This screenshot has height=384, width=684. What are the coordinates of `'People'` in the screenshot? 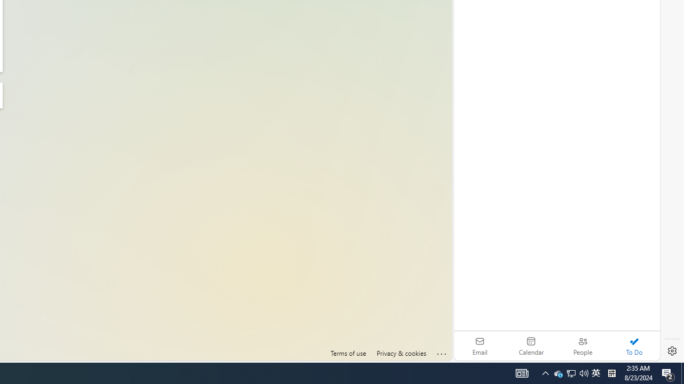 It's located at (582, 346).